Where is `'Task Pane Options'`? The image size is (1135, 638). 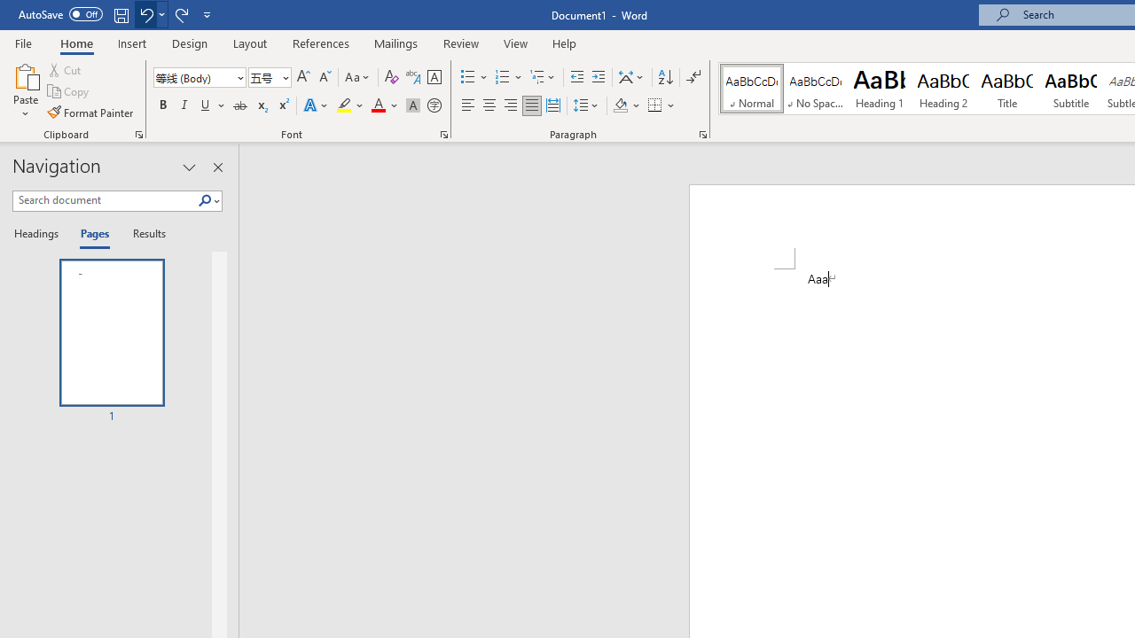 'Task Pane Options' is located at coordinates (190, 167).